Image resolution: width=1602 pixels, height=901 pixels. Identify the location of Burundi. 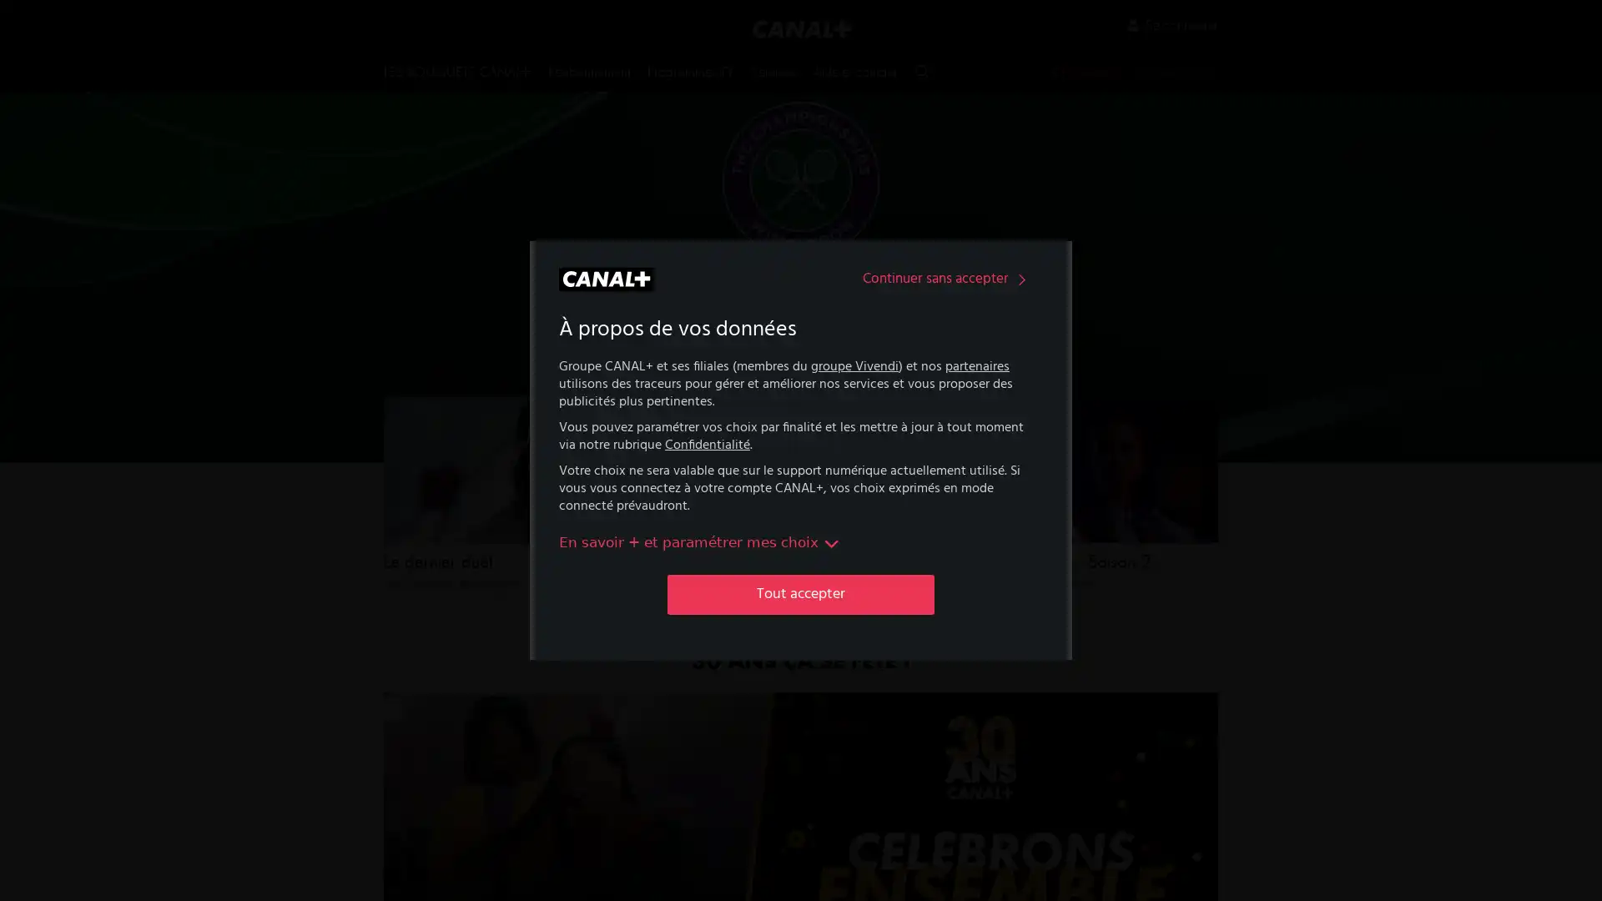
(641, 383).